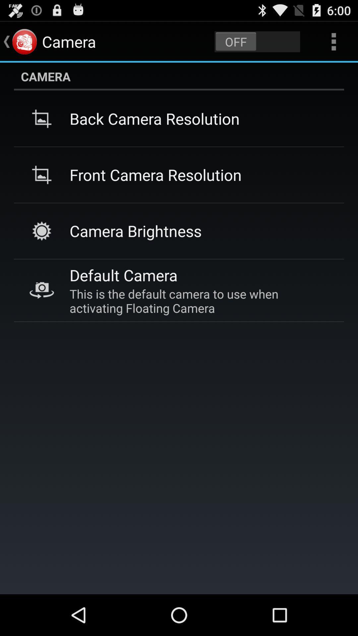 Image resolution: width=358 pixels, height=636 pixels. I want to click on item above the camera, so click(257, 41).